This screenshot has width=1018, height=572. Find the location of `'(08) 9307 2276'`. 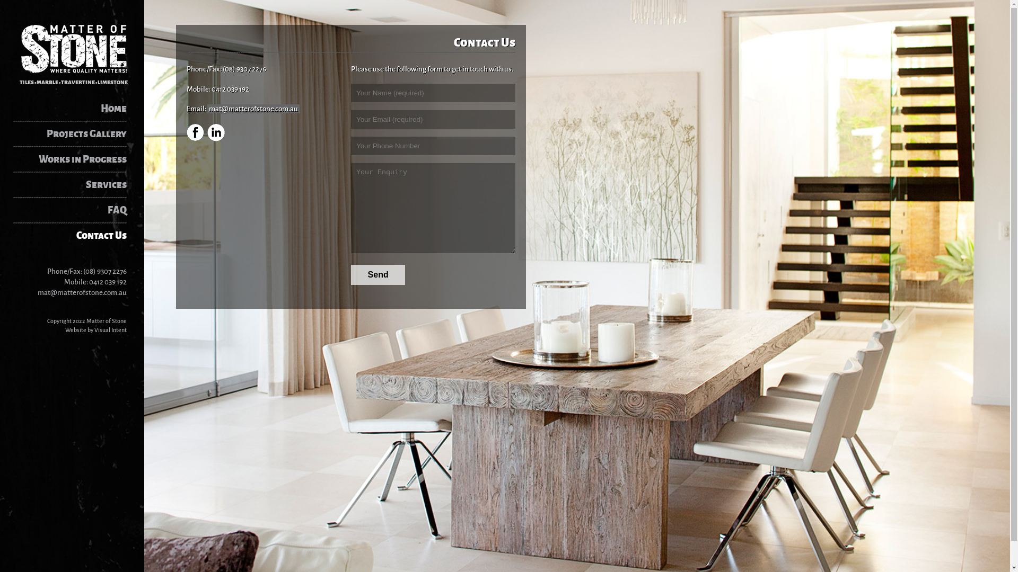

'(08) 9307 2276' is located at coordinates (104, 270).